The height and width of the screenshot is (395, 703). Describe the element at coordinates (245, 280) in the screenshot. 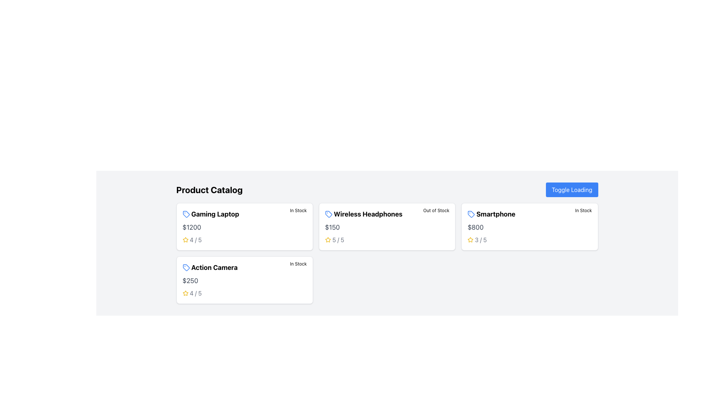

I see `the last product card in the catalog, located in the second column and second row, which displays details such as product name, price, availability, and rating` at that location.